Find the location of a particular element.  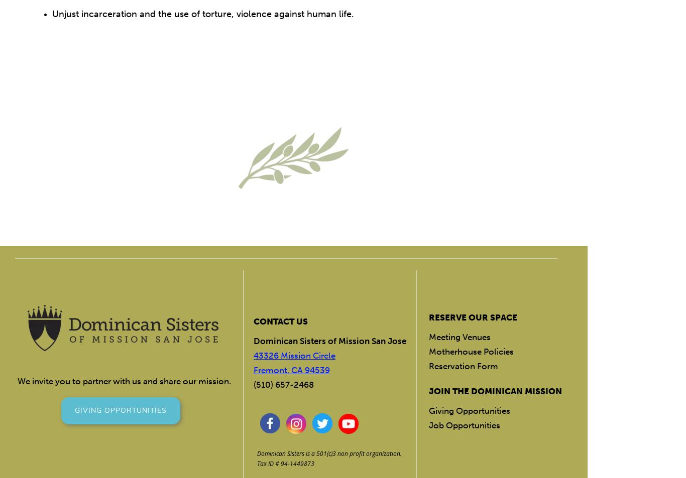

'CONTACT US' is located at coordinates (254, 321).